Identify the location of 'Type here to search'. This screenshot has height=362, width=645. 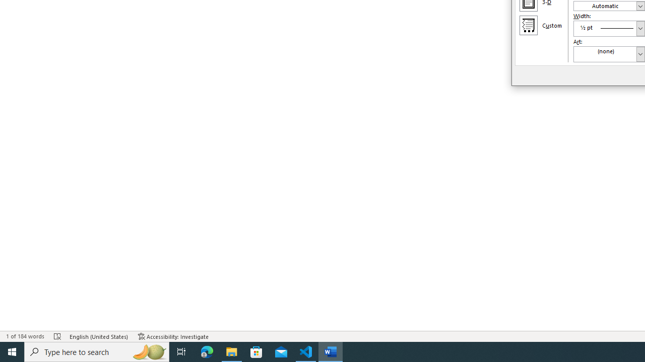
(97, 351).